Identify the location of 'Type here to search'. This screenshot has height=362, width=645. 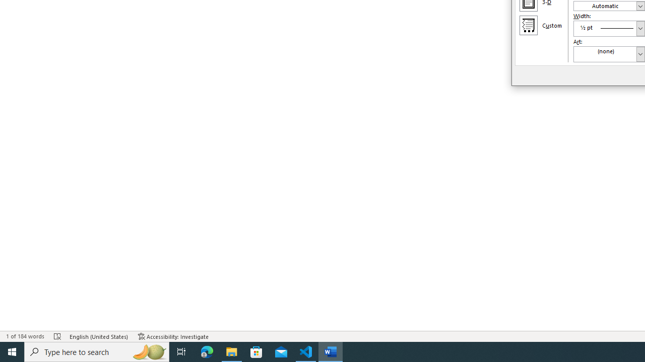
(97, 351).